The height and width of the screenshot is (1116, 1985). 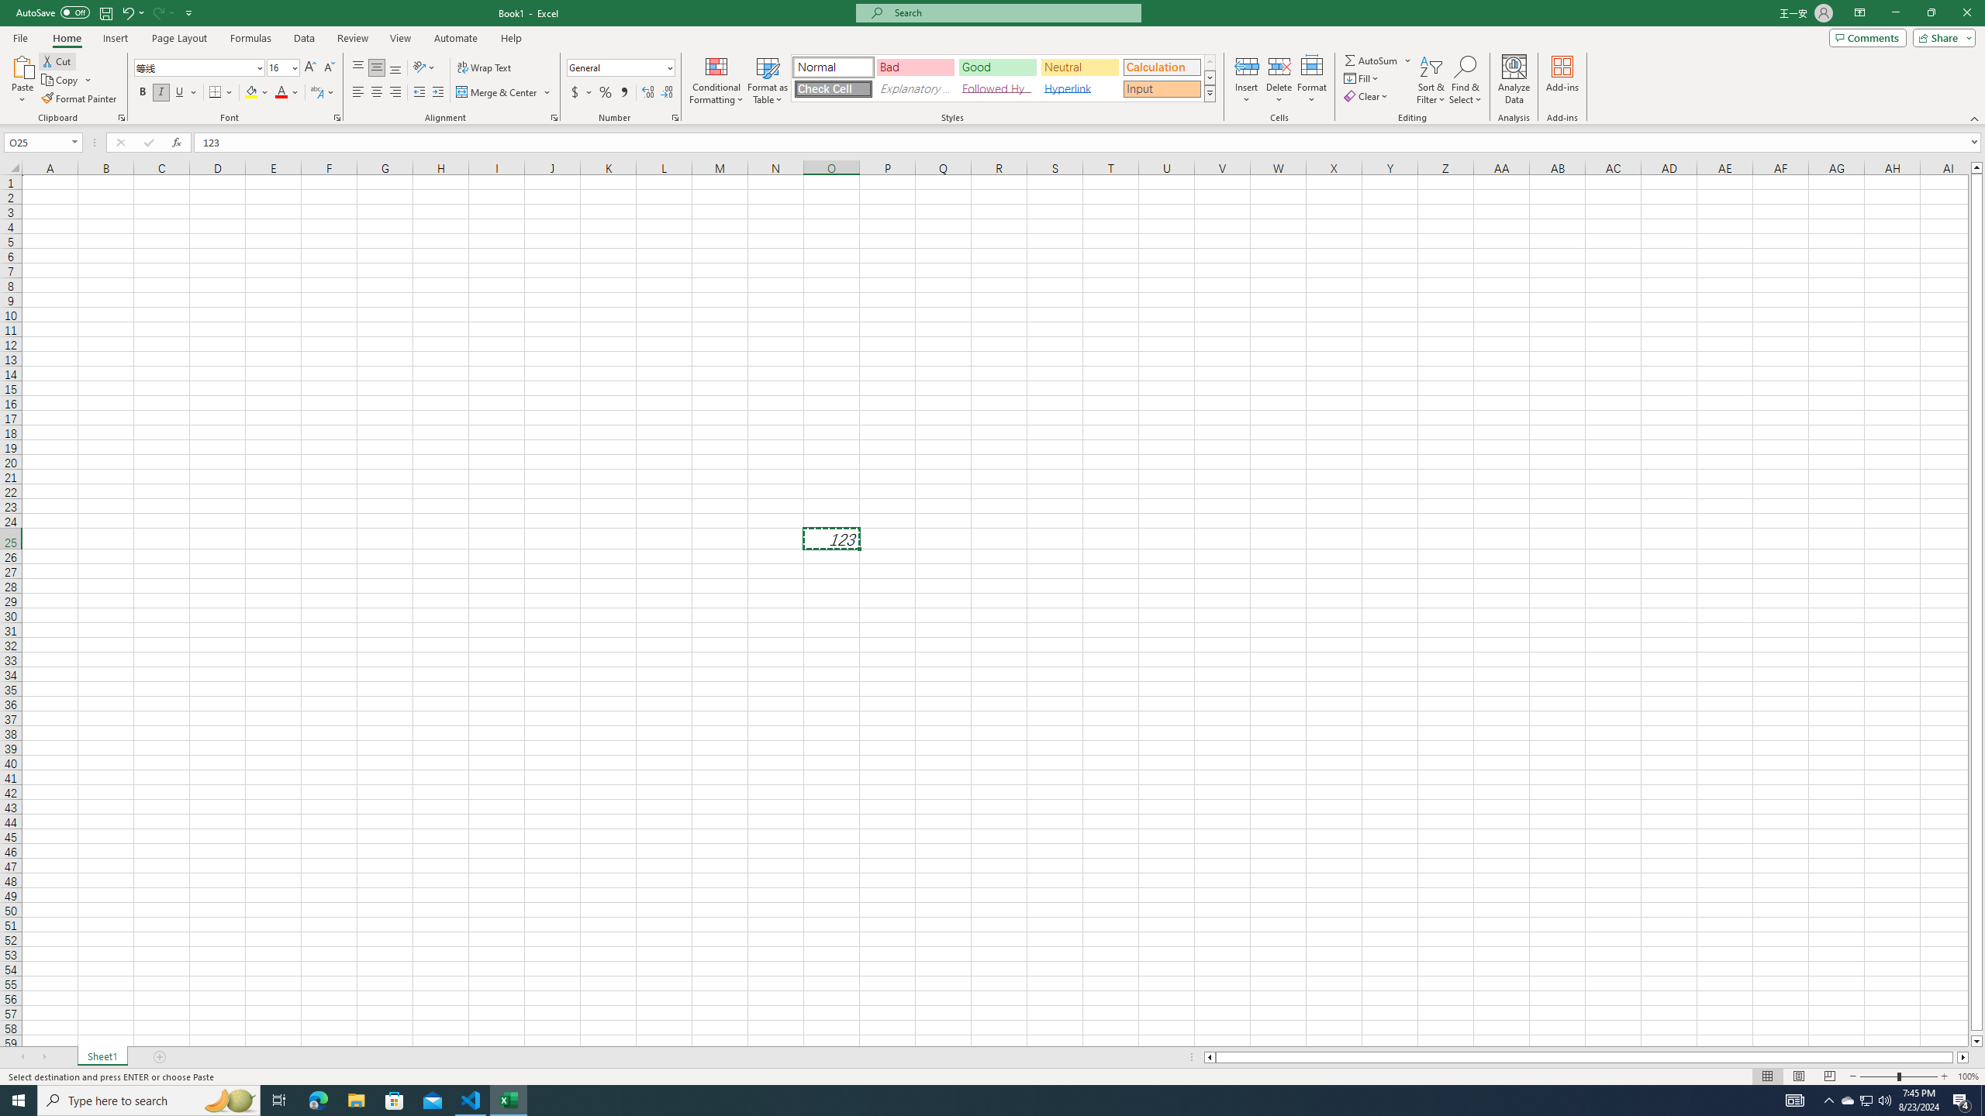 I want to click on 'Neutral', so click(x=1079, y=67).